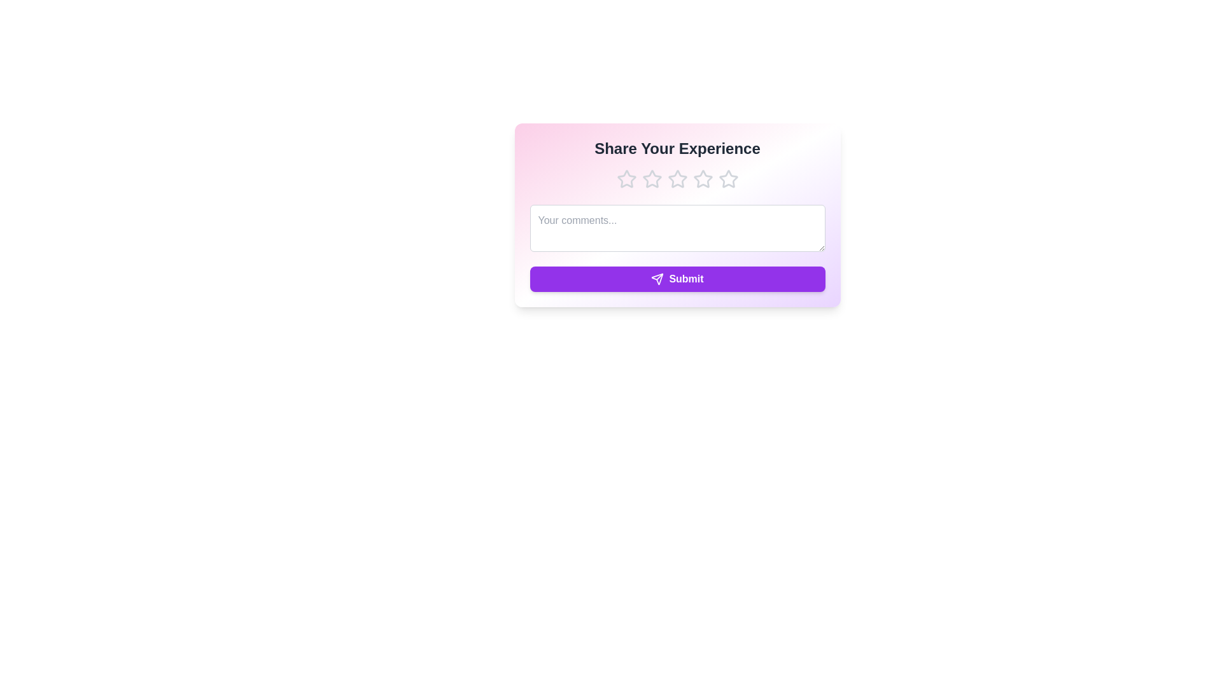 The width and height of the screenshot is (1222, 687). Describe the element at coordinates (677, 179) in the screenshot. I see `the second star icon in the rating system located in the 'Share Your Experience' section to indicate the second-highest rating level` at that location.